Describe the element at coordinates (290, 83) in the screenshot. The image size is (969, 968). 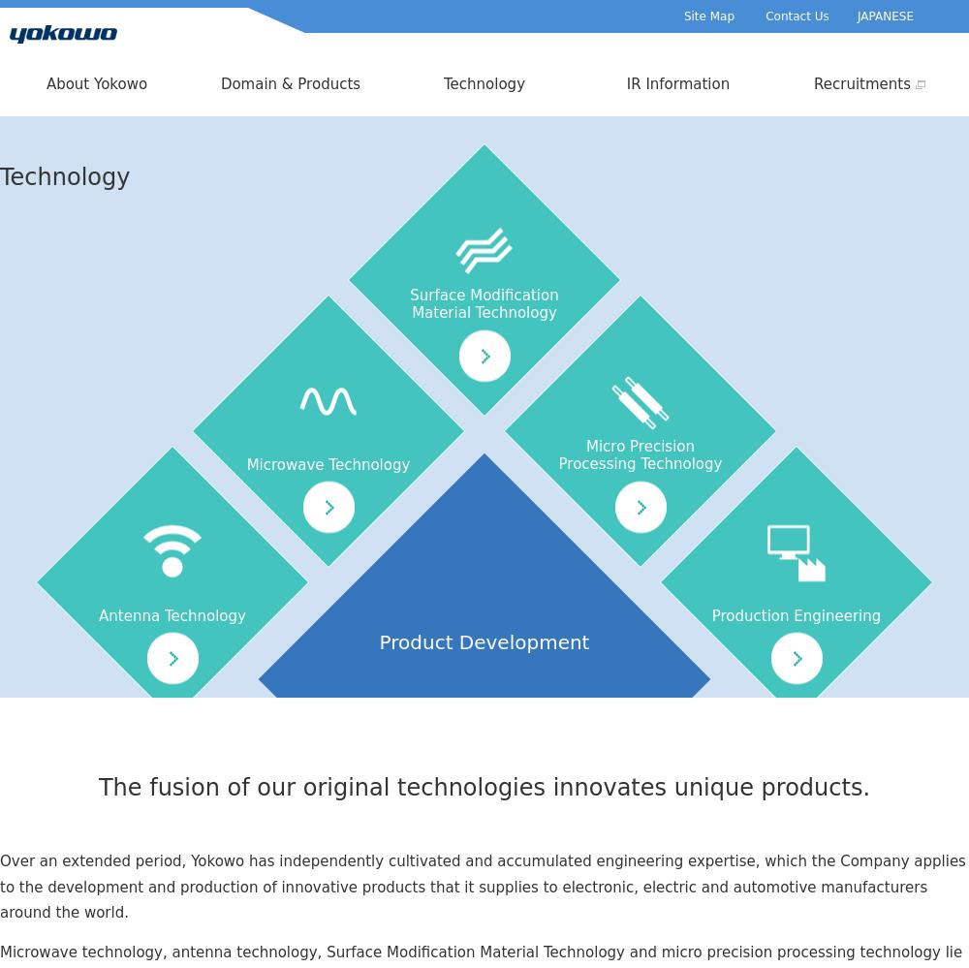
I see `'Domain & Products'` at that location.